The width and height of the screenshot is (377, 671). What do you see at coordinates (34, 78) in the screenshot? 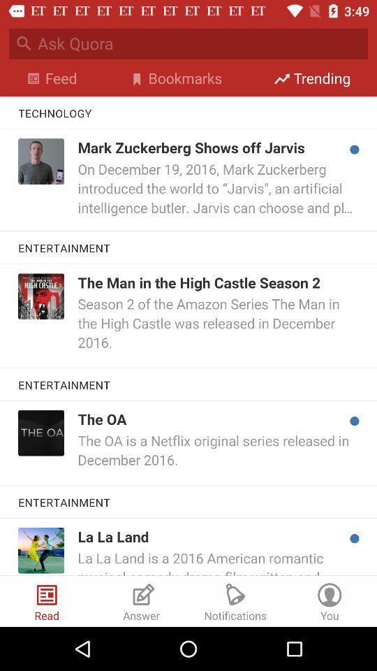
I see `icon which on left to feed` at bounding box center [34, 78].